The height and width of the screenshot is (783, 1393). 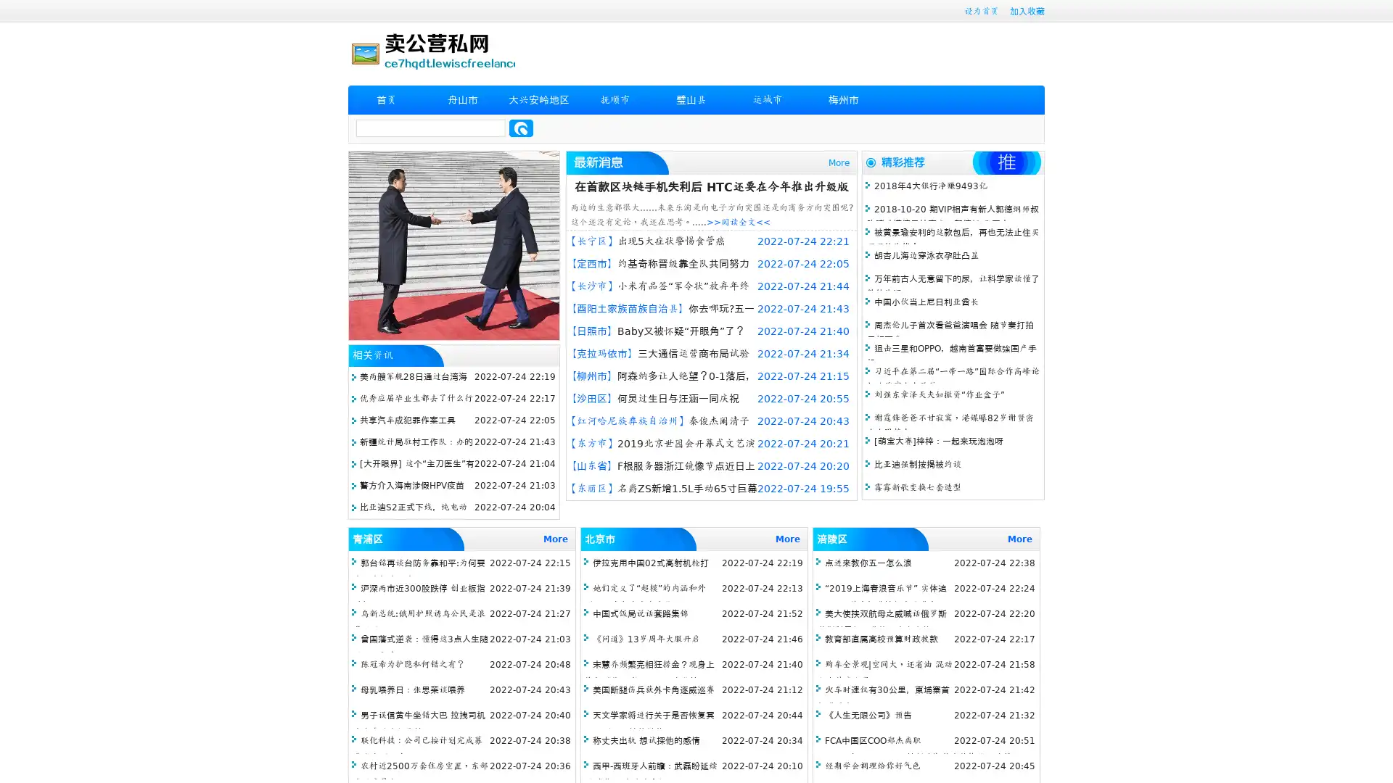 I want to click on Search, so click(x=521, y=128).